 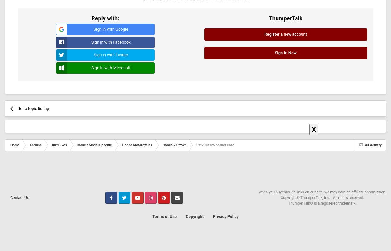 I want to click on 'Home', so click(x=10, y=144).